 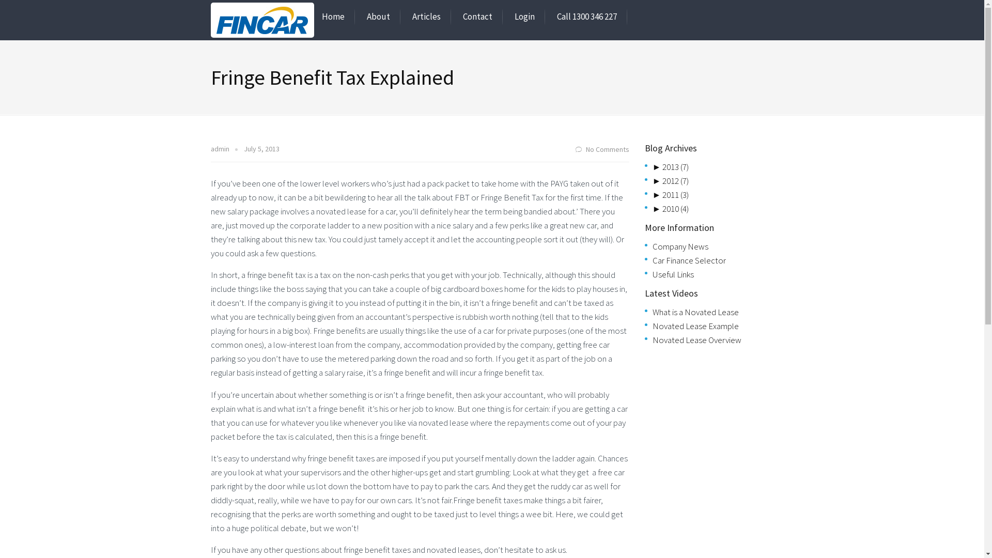 What do you see at coordinates (332, 17) in the screenshot?
I see `'Home'` at bounding box center [332, 17].